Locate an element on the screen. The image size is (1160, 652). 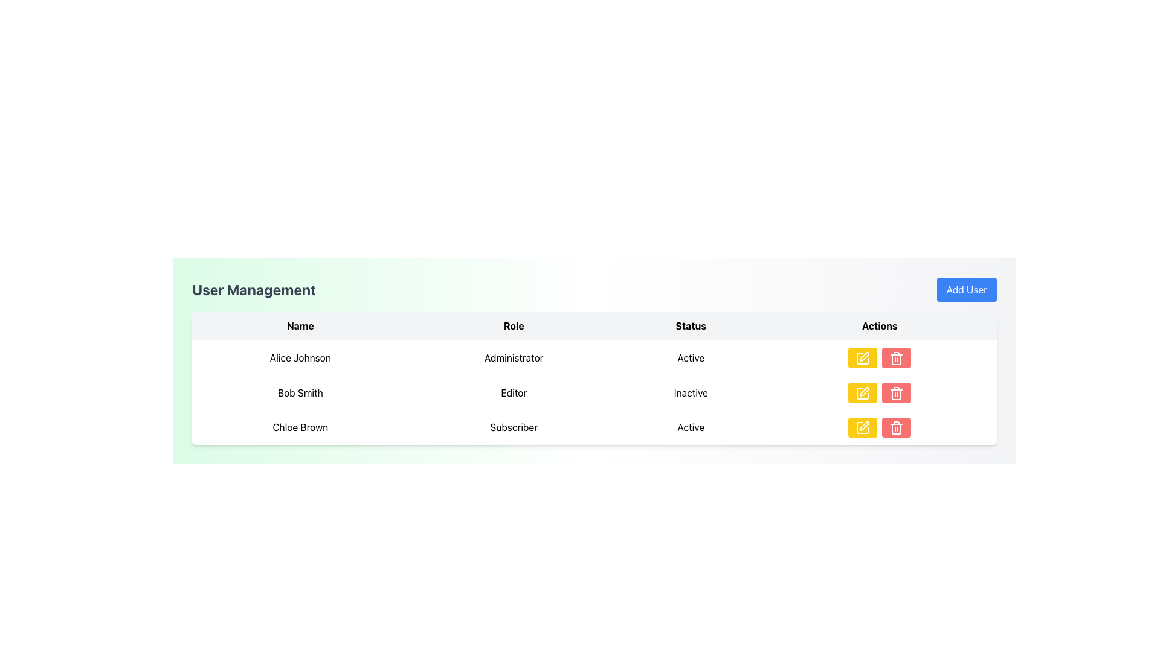
the edit button with a pen icon in the Actions column of the first row in the user table is located at coordinates (862, 357).